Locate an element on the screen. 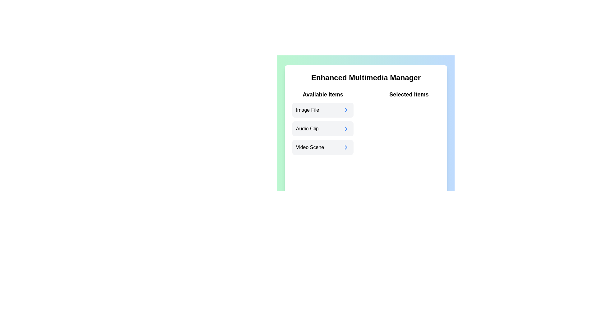  a row is located at coordinates (322, 128).